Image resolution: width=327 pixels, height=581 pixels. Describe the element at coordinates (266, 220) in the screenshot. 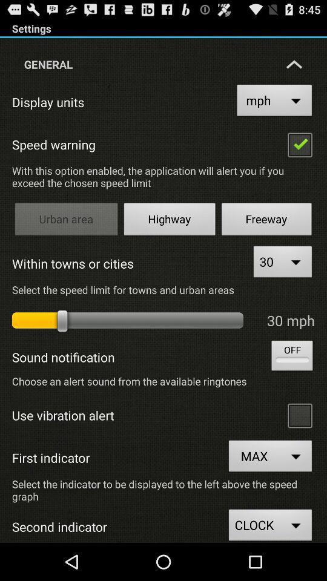

I see `tap on freeway` at that location.